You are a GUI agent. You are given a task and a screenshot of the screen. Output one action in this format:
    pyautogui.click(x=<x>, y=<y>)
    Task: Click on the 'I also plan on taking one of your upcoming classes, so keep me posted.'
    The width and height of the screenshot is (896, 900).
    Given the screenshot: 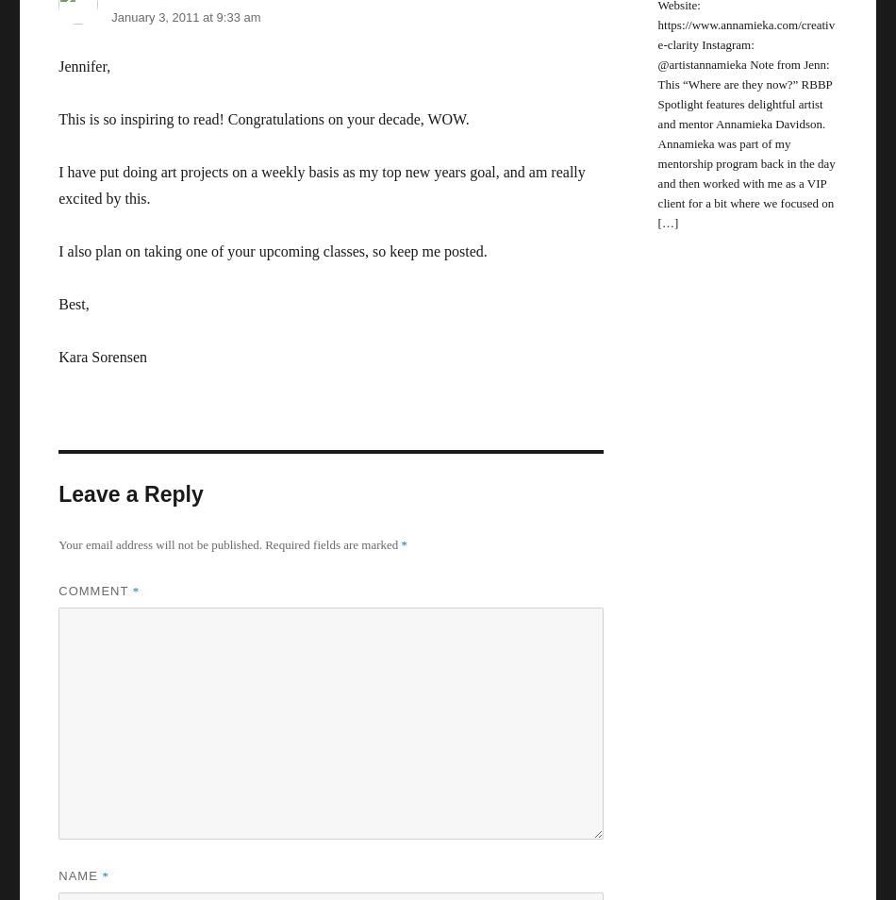 What is the action you would take?
    pyautogui.click(x=271, y=251)
    